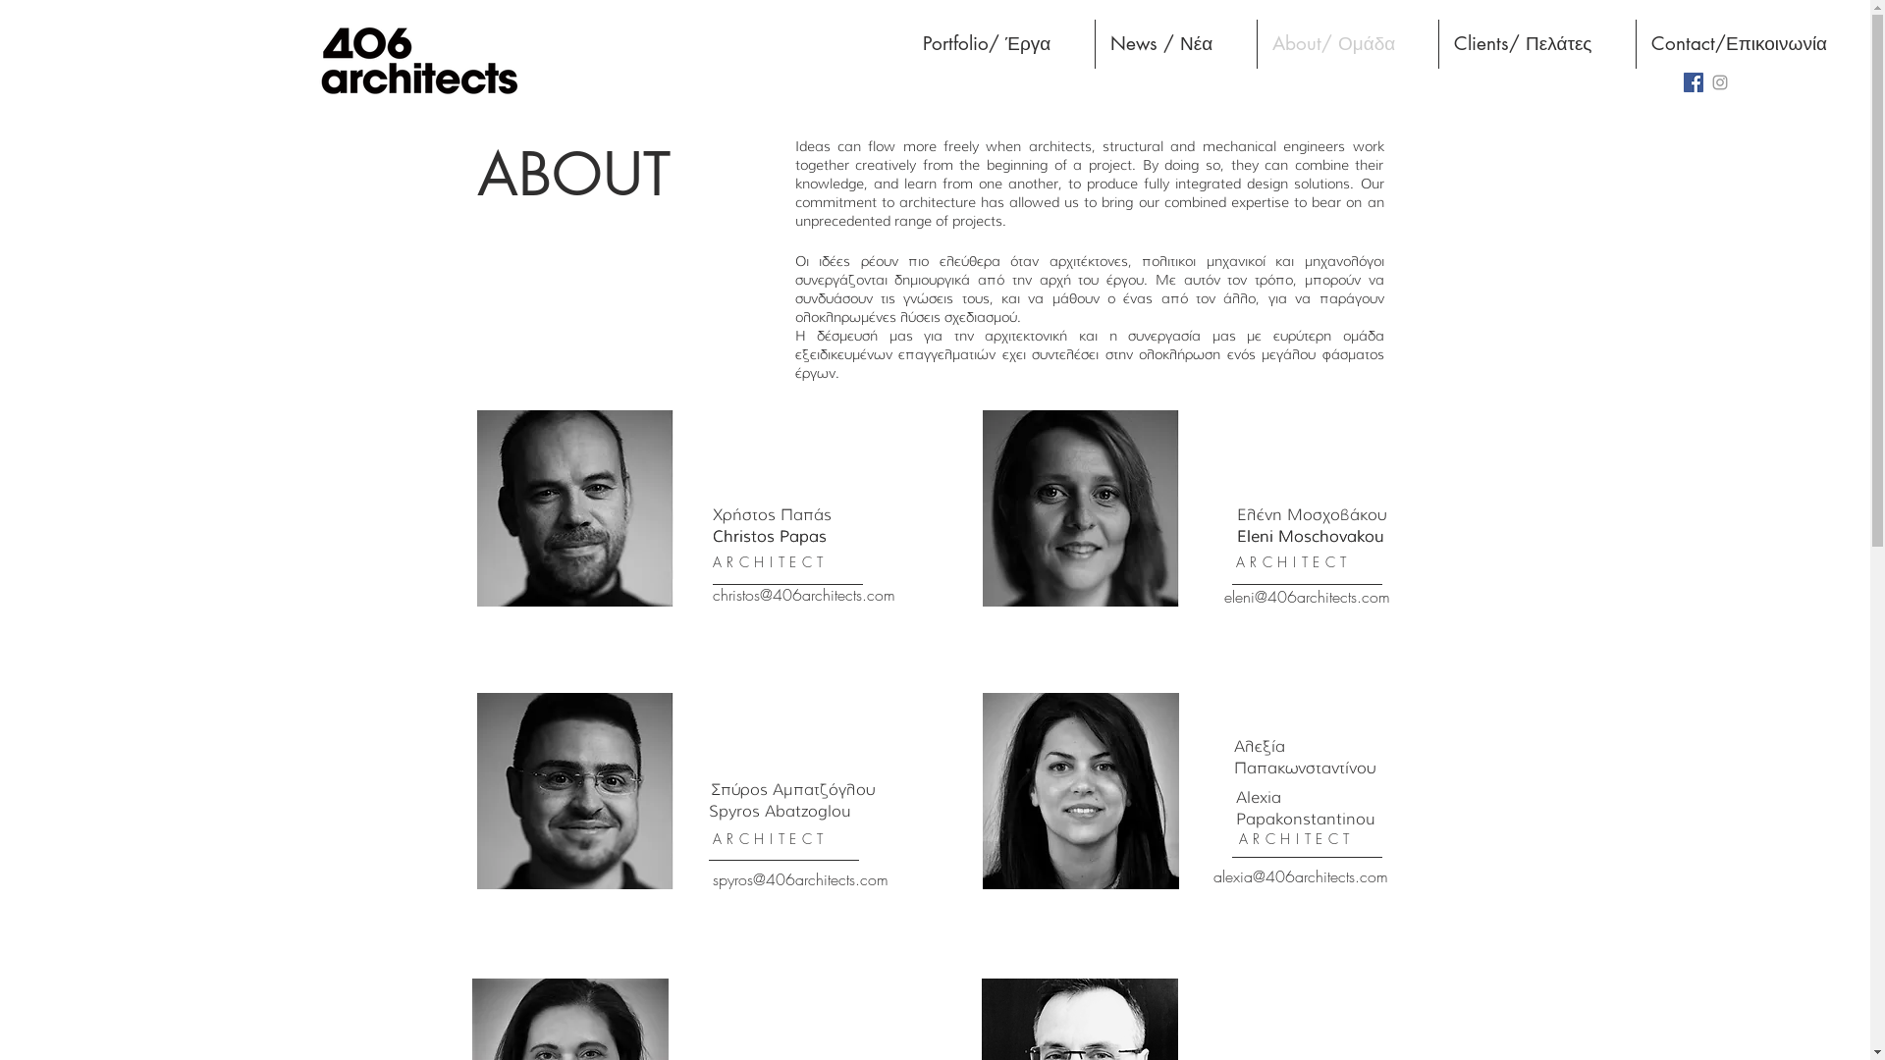 This screenshot has height=1060, width=1885. I want to click on 'alexia@406architects.com', so click(1300, 875).